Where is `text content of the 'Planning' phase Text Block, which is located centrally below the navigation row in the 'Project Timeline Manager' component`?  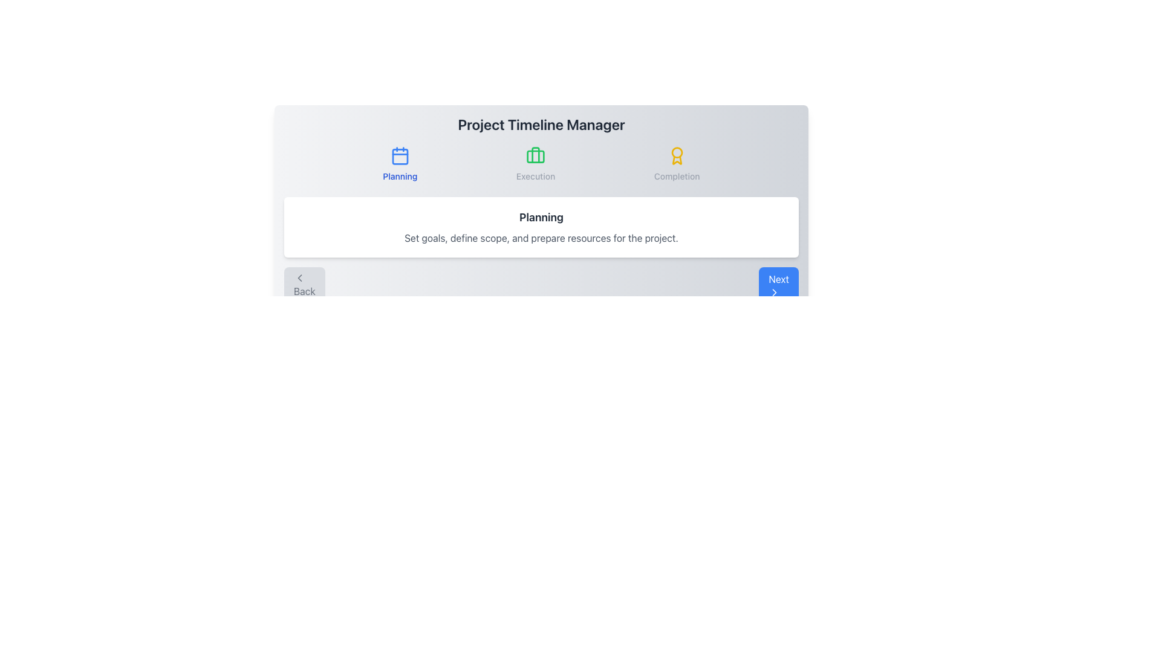
text content of the 'Planning' phase Text Block, which is located centrally below the navigation row in the 'Project Timeline Manager' component is located at coordinates (541, 227).